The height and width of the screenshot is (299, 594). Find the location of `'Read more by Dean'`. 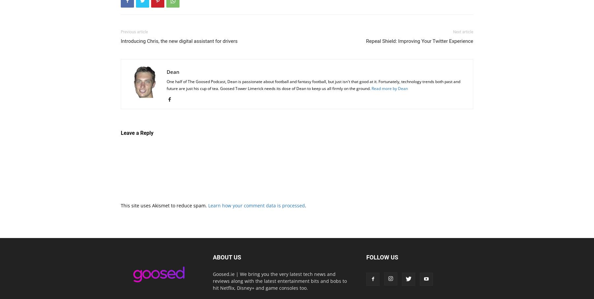

'Read more by Dean' is located at coordinates (389, 88).